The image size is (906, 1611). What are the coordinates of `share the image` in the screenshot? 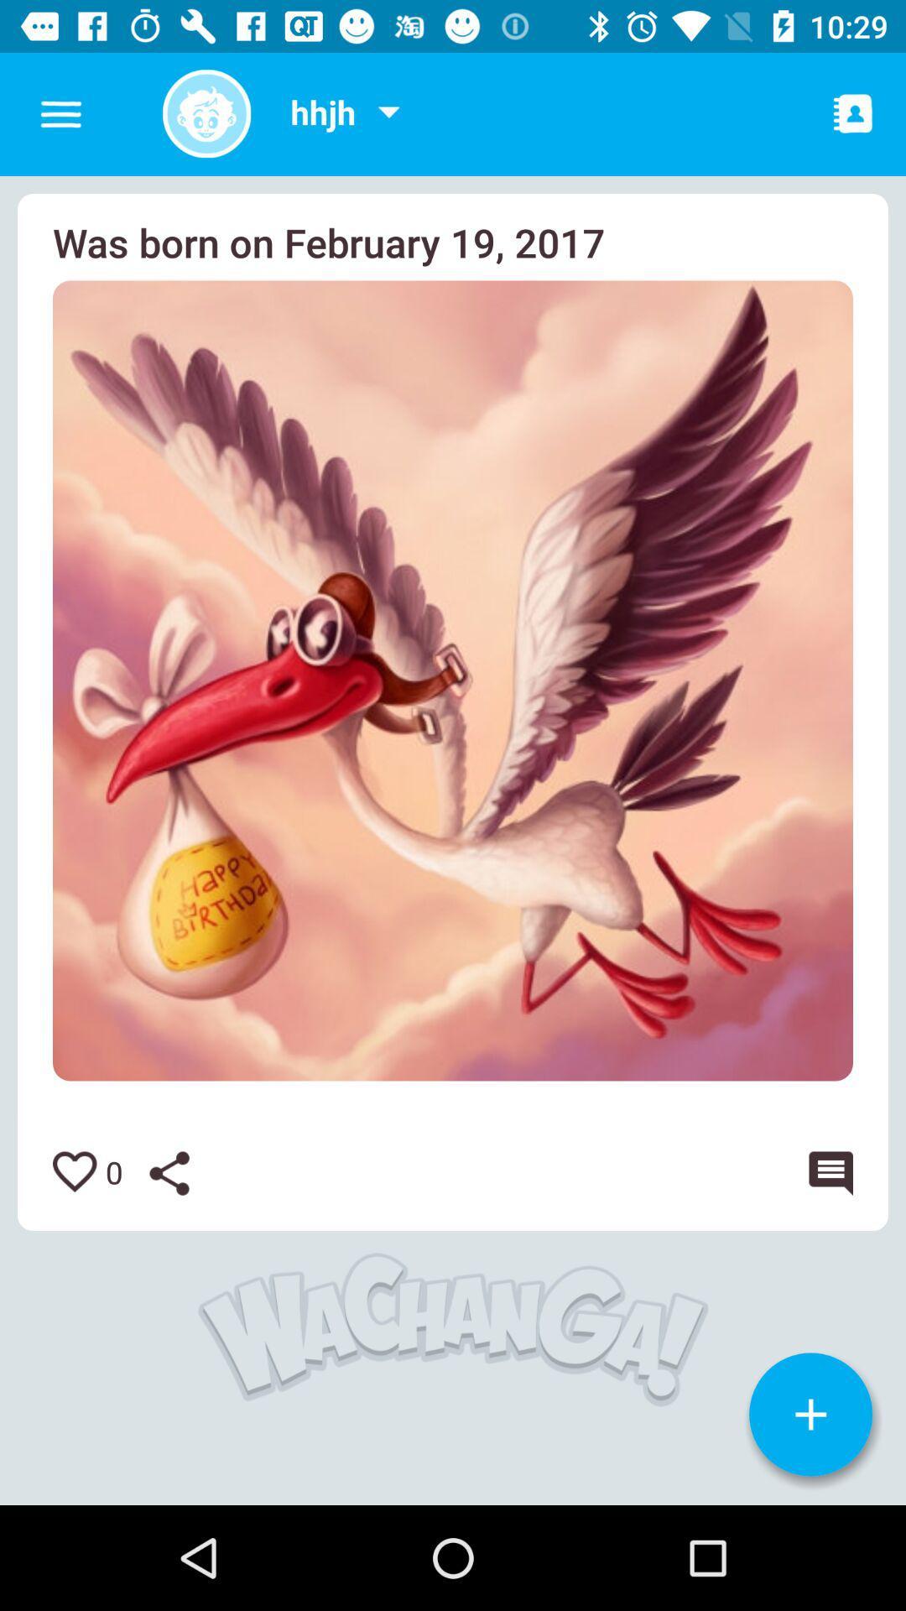 It's located at (182, 1172).